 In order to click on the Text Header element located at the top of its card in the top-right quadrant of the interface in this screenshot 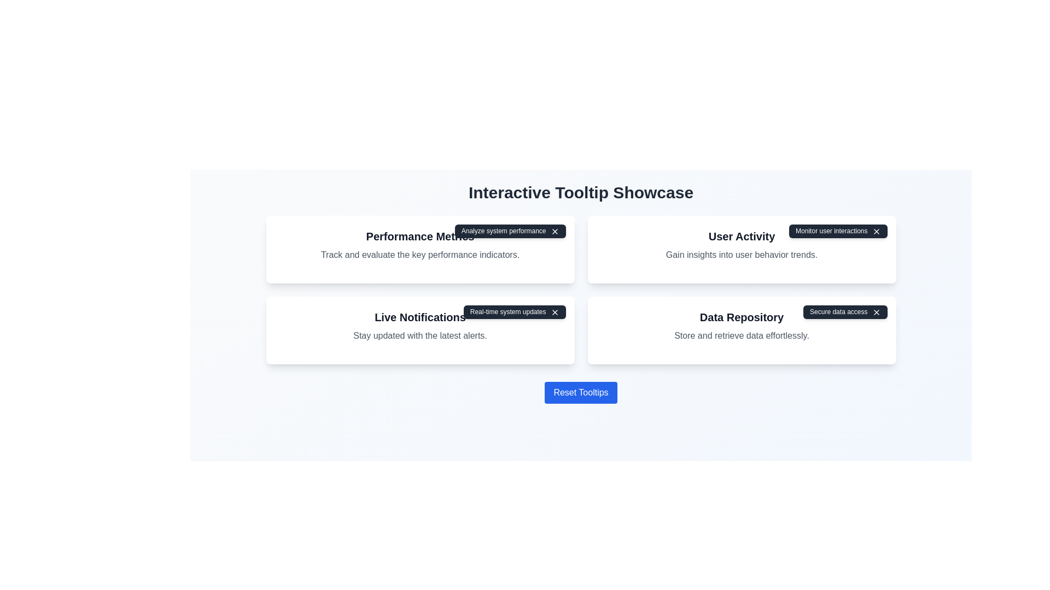, I will do `click(742, 235)`.